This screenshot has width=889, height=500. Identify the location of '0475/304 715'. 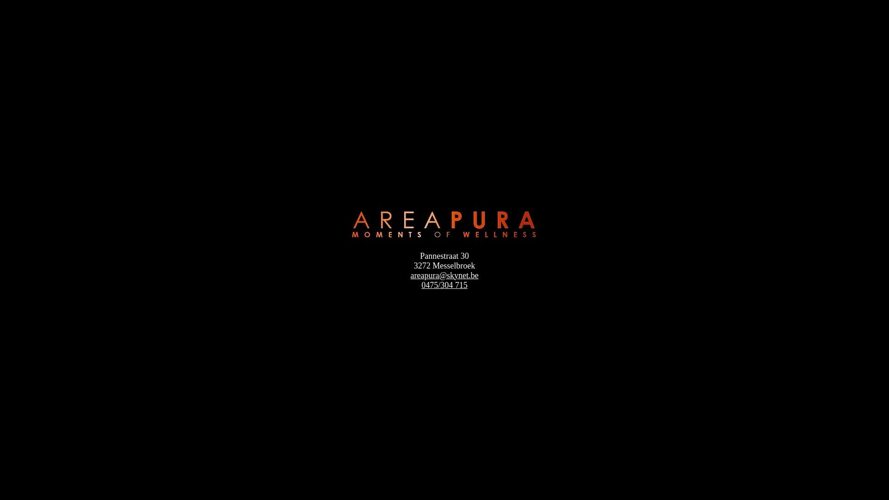
(444, 285).